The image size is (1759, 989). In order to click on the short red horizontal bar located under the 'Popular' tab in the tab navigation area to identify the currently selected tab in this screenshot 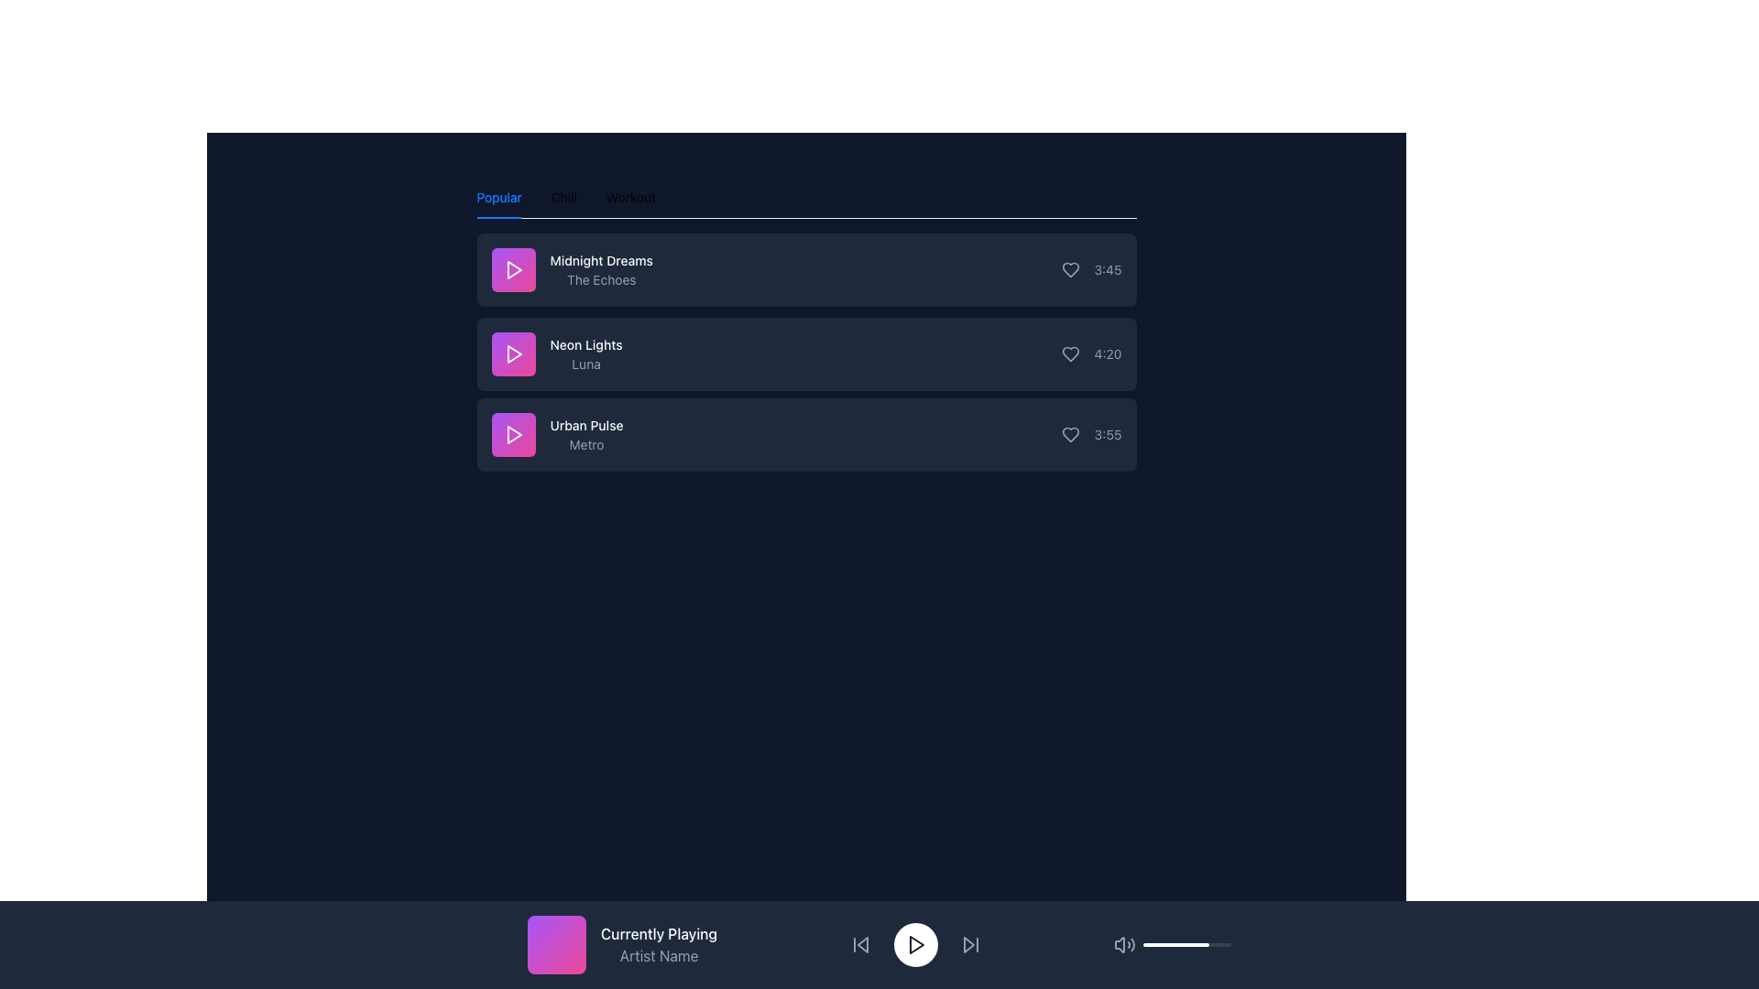, I will do `click(499, 217)`.